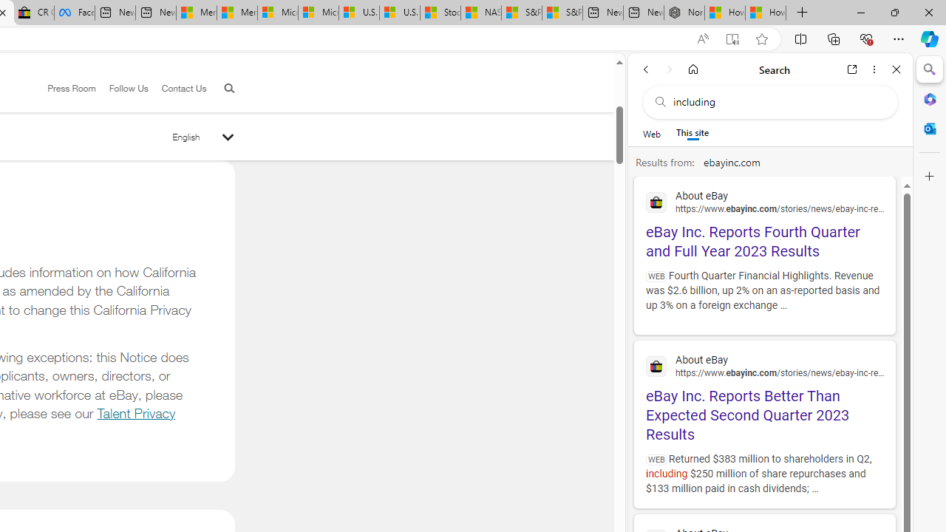  I want to click on 'eBay Inc. Reports Fourth Quarter and Full Year 2023 Results', so click(764, 222).